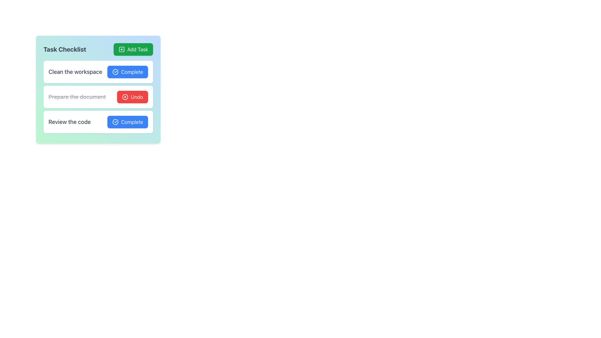 The height and width of the screenshot is (338, 601). What do you see at coordinates (98, 97) in the screenshot?
I see `task text in the Task entry row that contains the strikethrough text 'Prepare the document' and the 'Undo' button` at bounding box center [98, 97].